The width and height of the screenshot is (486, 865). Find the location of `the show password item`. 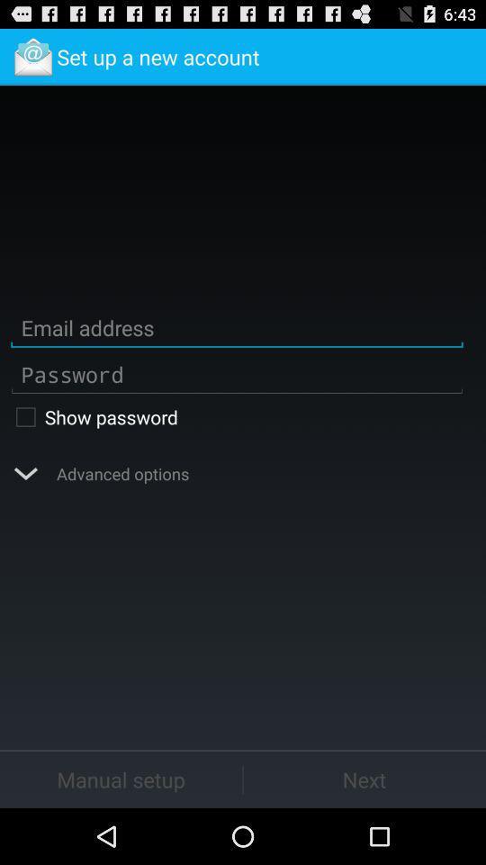

the show password item is located at coordinates (237, 416).